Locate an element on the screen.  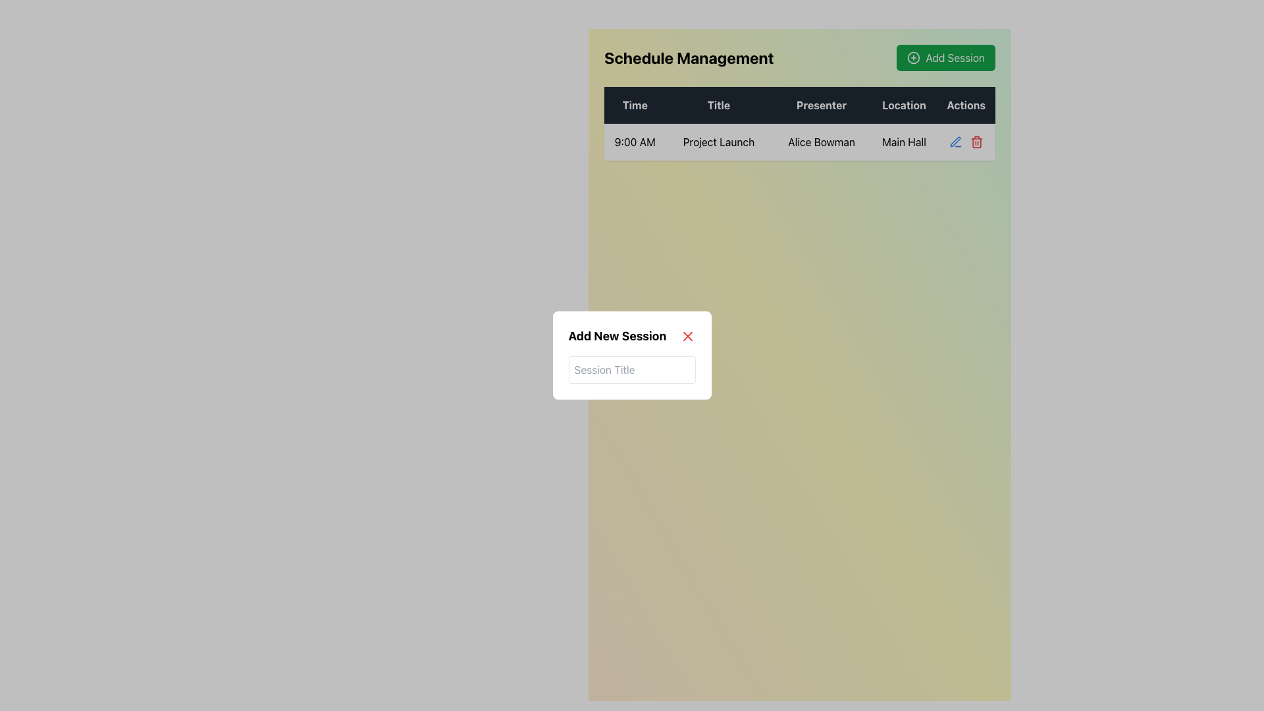
the 'Presenter' section of the header label in the Schedule Management table, which is part of a horizontal header bar with a dark gray background and white text is located at coordinates (799, 104).